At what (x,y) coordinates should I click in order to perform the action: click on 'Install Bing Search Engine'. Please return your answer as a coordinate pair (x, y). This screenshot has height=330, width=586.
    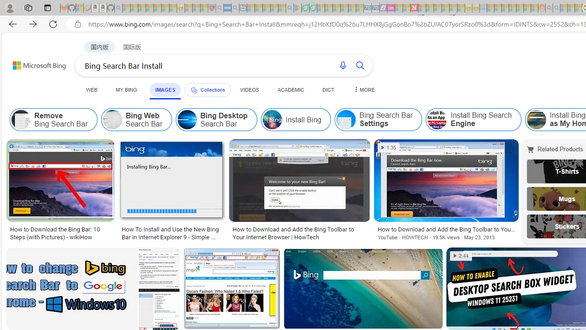
    Looking at the image, I should click on (473, 119).